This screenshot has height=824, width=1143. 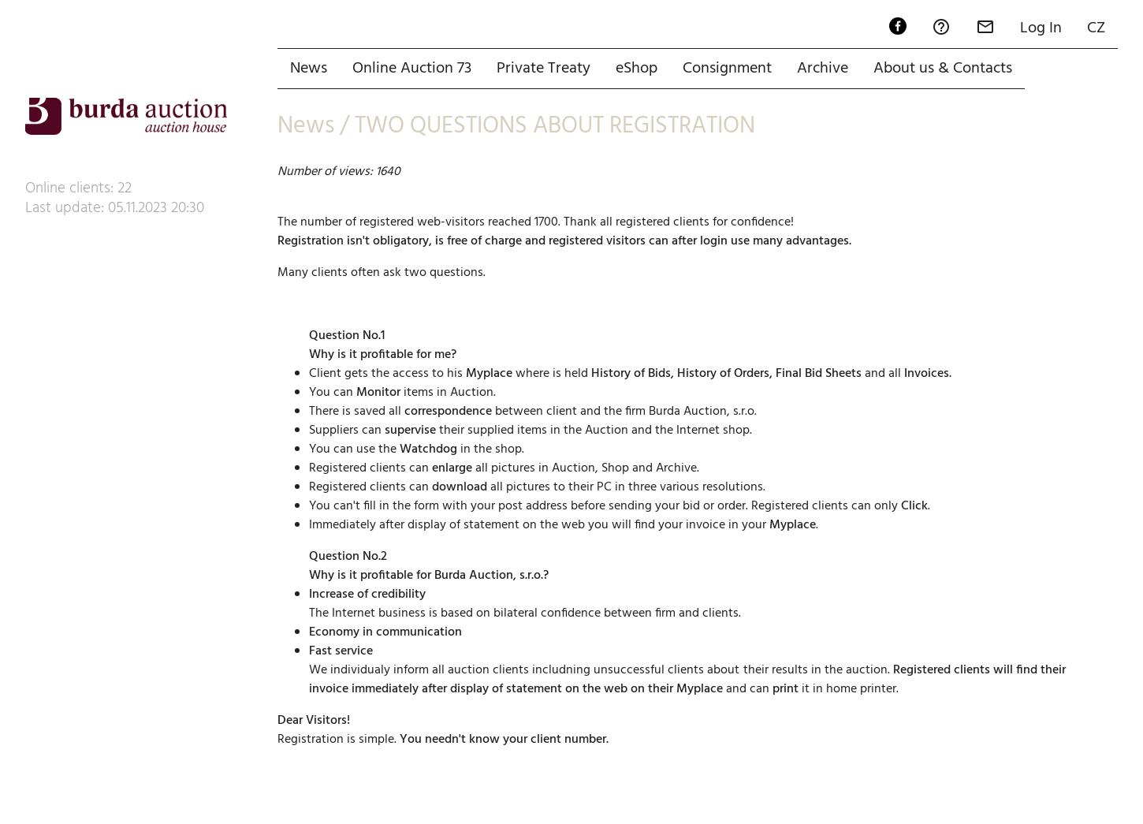 What do you see at coordinates (605, 449) in the screenshot?
I see `'You can't fill in the form with your post address before sending your bid or order. Registered clients can only'` at bounding box center [605, 449].